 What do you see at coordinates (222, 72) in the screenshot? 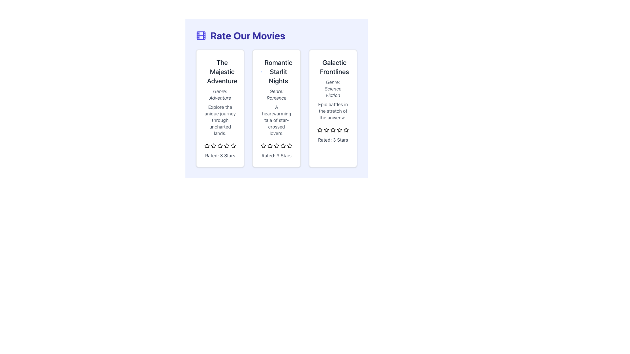
I see `the static text element displaying 'The Majestic Adventure' in large gray font, located in the top section of the first card` at bounding box center [222, 72].